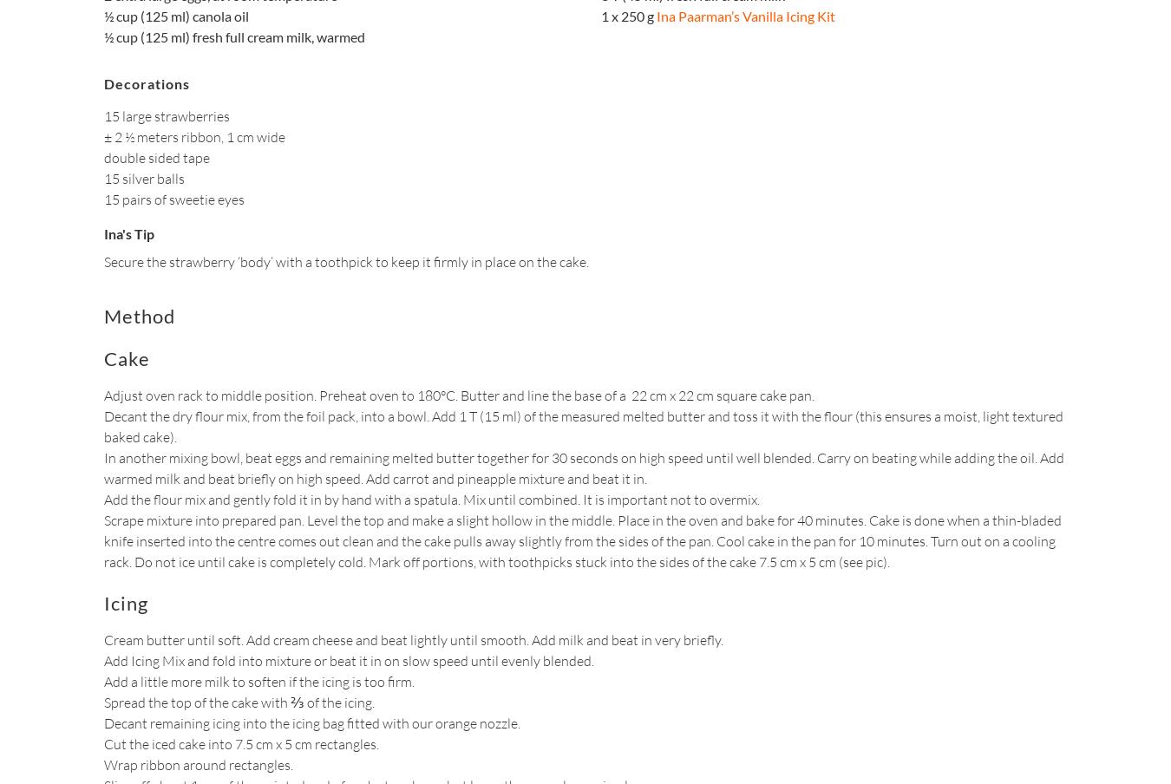 The width and height of the screenshot is (1171, 784). What do you see at coordinates (458, 394) in the screenshot?
I see `'Adjust oven rack to middle position. Preheat oven to 180°C. Butter and line the base of a  22 cm x 22 cm square cake pan.'` at bounding box center [458, 394].